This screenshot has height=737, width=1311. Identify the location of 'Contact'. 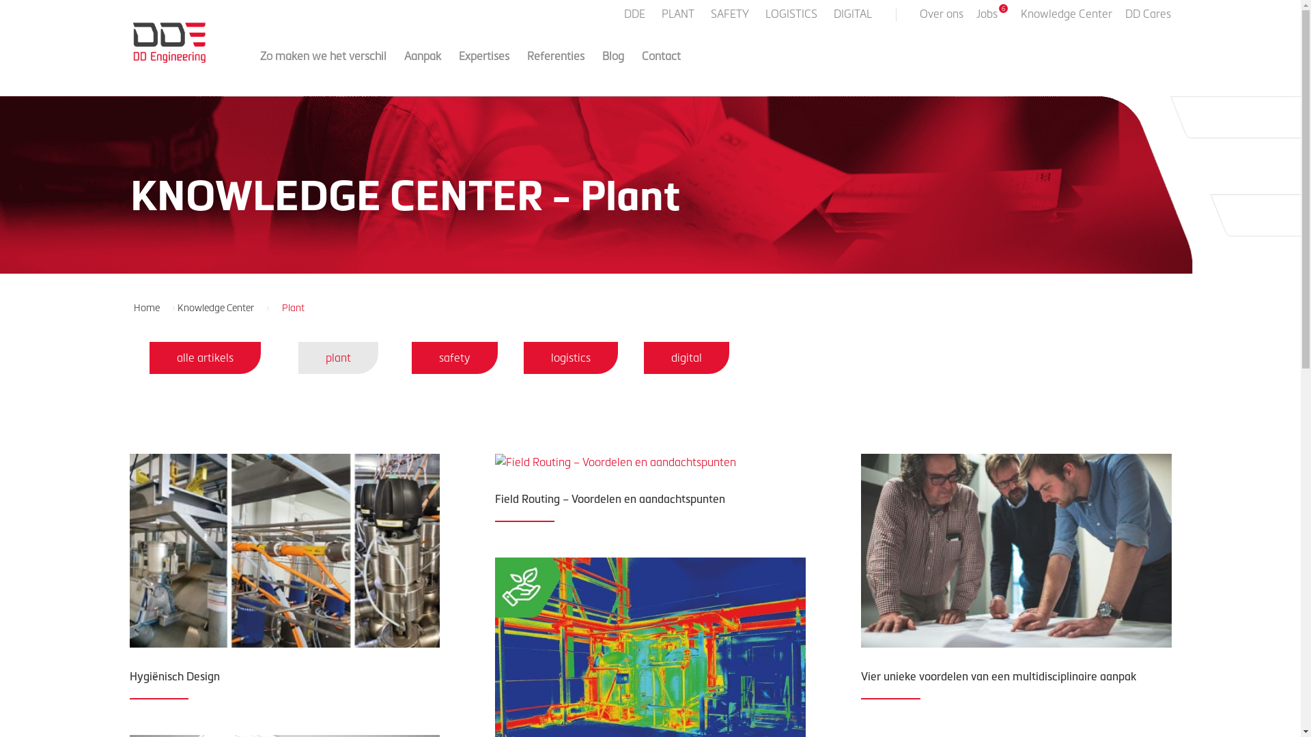
(641, 68).